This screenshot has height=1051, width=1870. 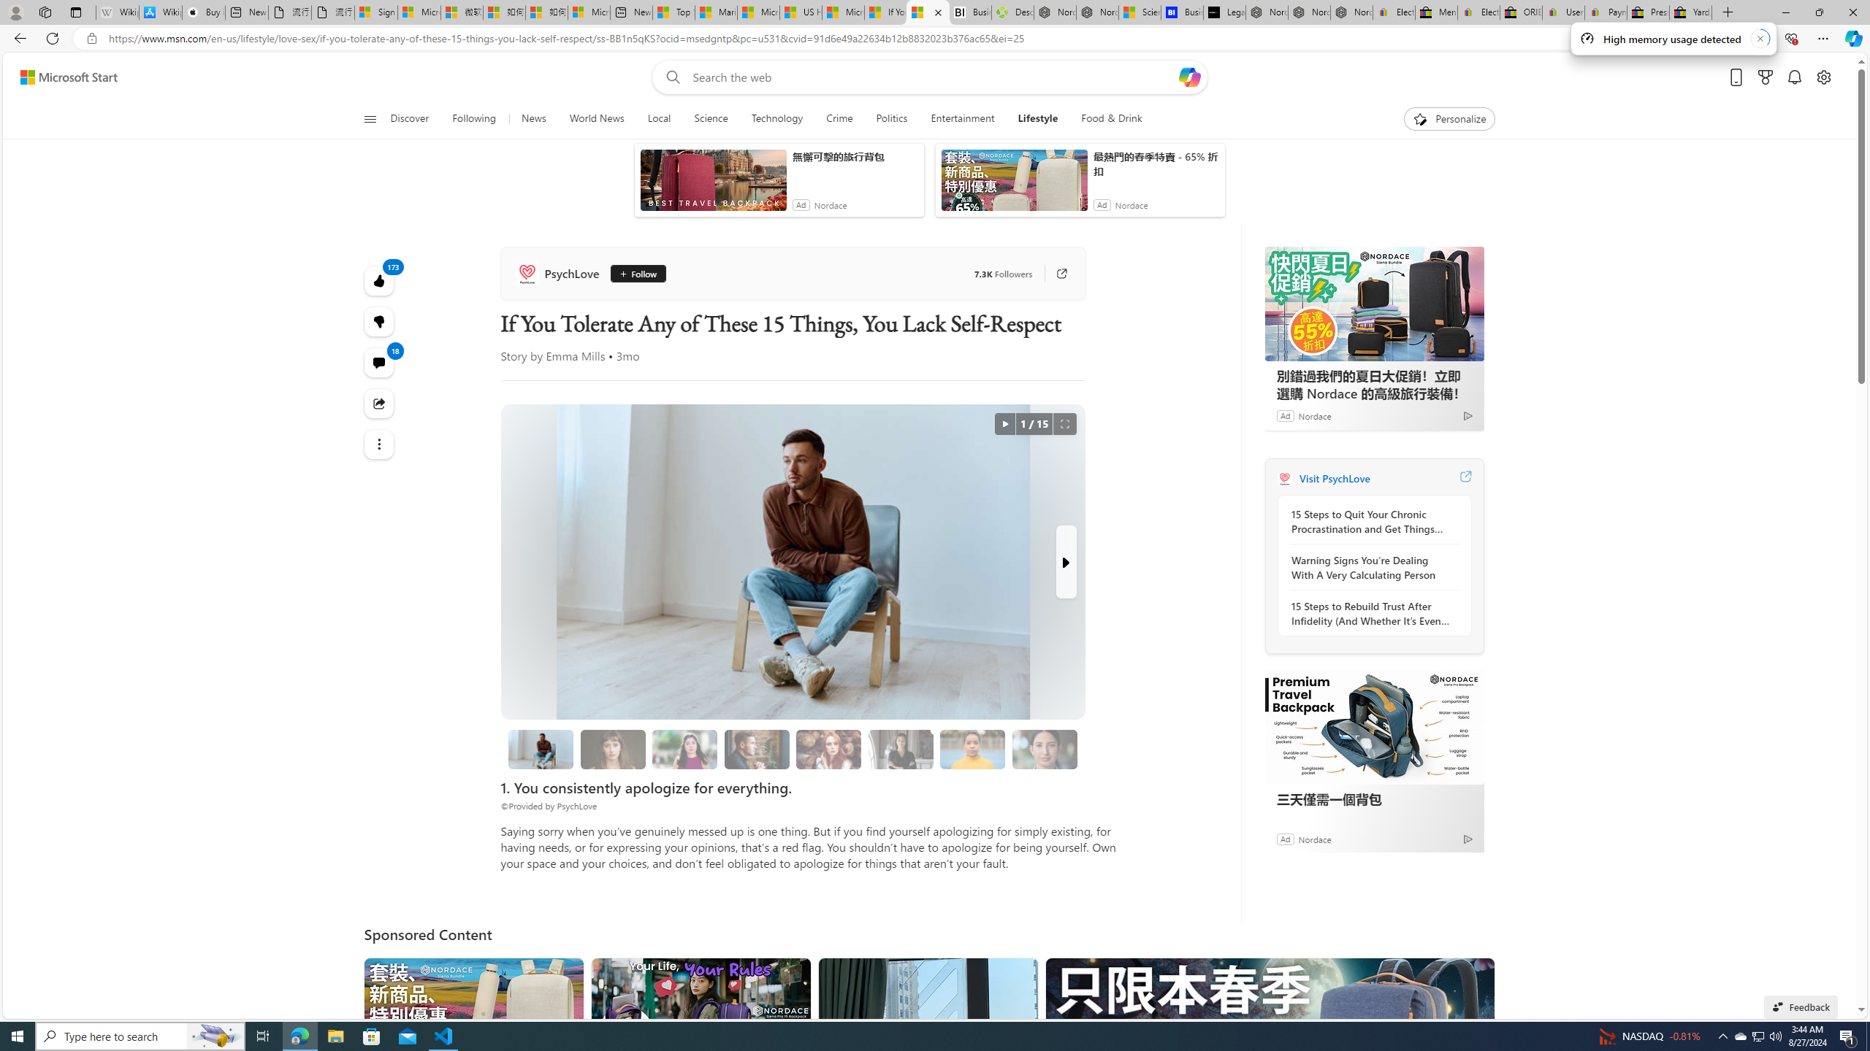 What do you see at coordinates (1647, 12) in the screenshot?
I see `'Press Room - eBay Inc.'` at bounding box center [1647, 12].